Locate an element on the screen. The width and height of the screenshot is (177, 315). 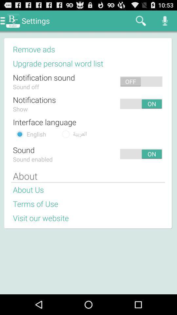
app next to the notifications app is located at coordinates (88, 104).